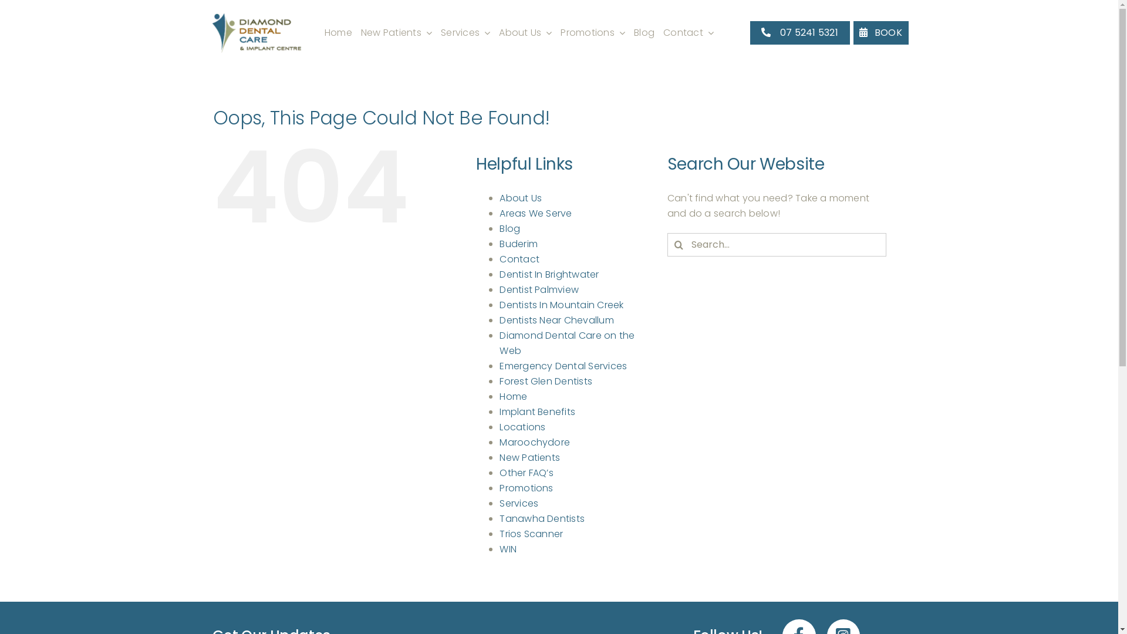 This screenshot has height=634, width=1127. What do you see at coordinates (518, 503) in the screenshot?
I see `'Services'` at bounding box center [518, 503].